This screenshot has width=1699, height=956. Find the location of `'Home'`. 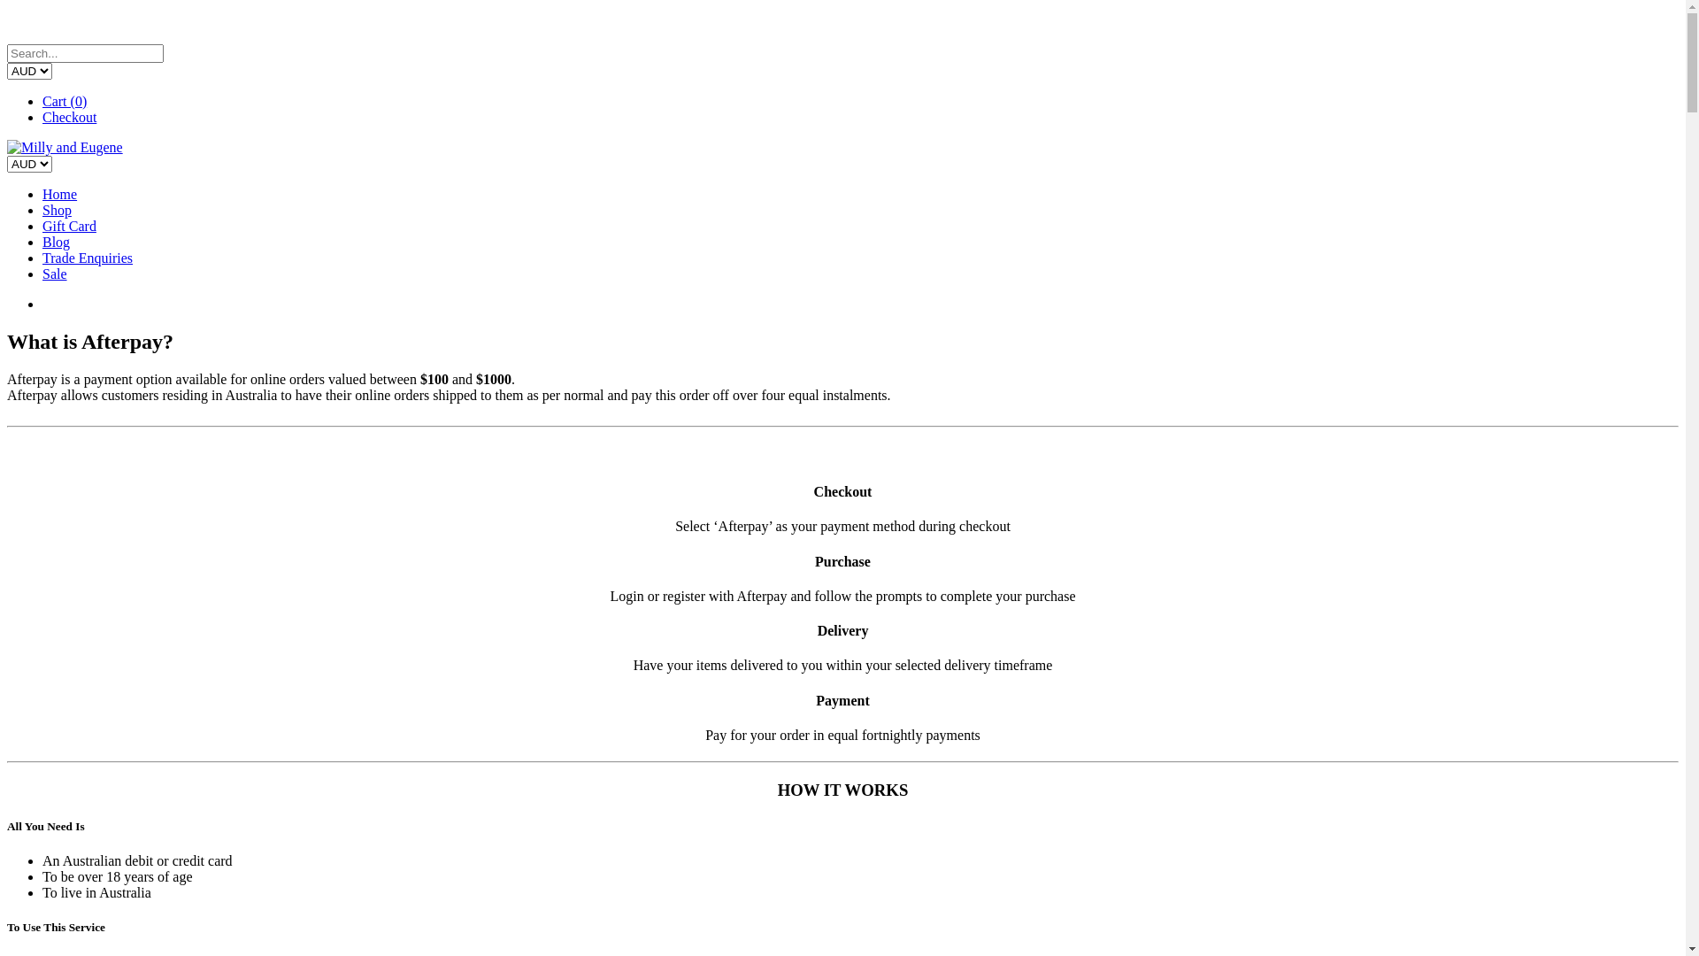

'Home' is located at coordinates (59, 194).